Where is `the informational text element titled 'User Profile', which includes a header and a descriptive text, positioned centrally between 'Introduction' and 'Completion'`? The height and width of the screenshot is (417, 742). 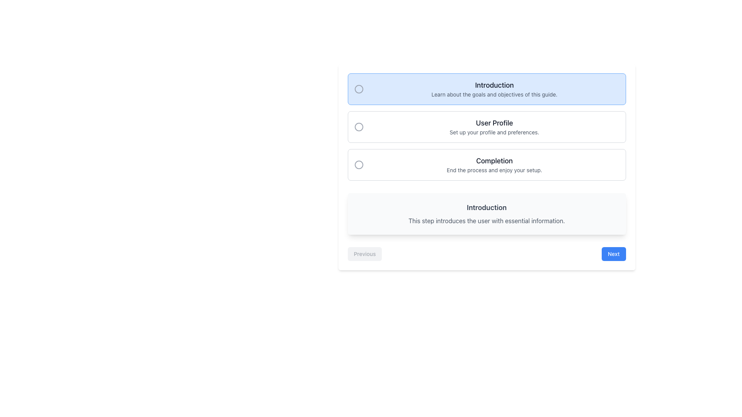 the informational text element titled 'User Profile', which includes a header and a descriptive text, positioned centrally between 'Introduction' and 'Completion' is located at coordinates (494, 126).